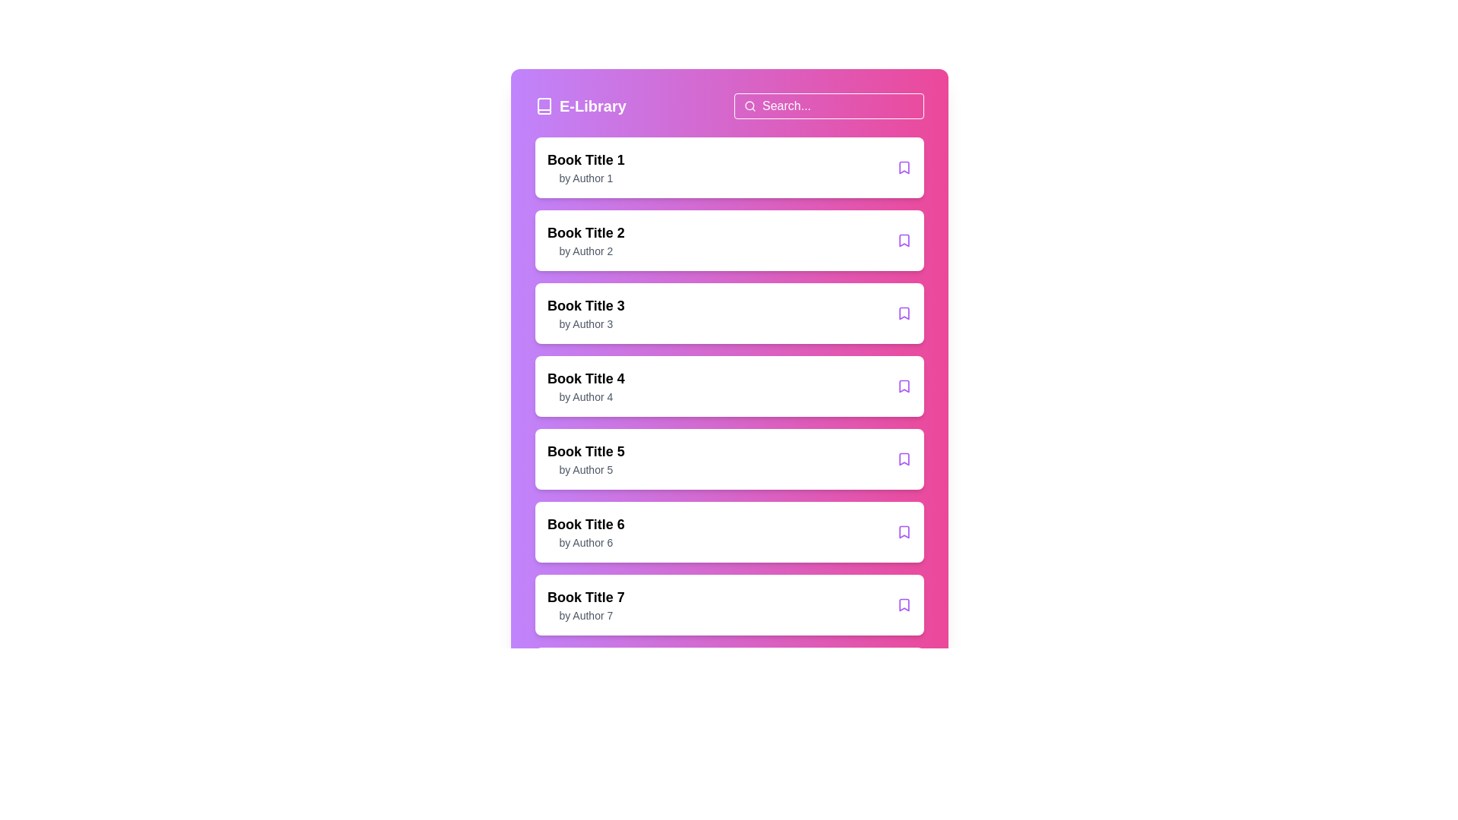 The image size is (1458, 820). I want to click on the bookmark icon in the seventh row labeled 'Book Title 7', so click(904, 604).